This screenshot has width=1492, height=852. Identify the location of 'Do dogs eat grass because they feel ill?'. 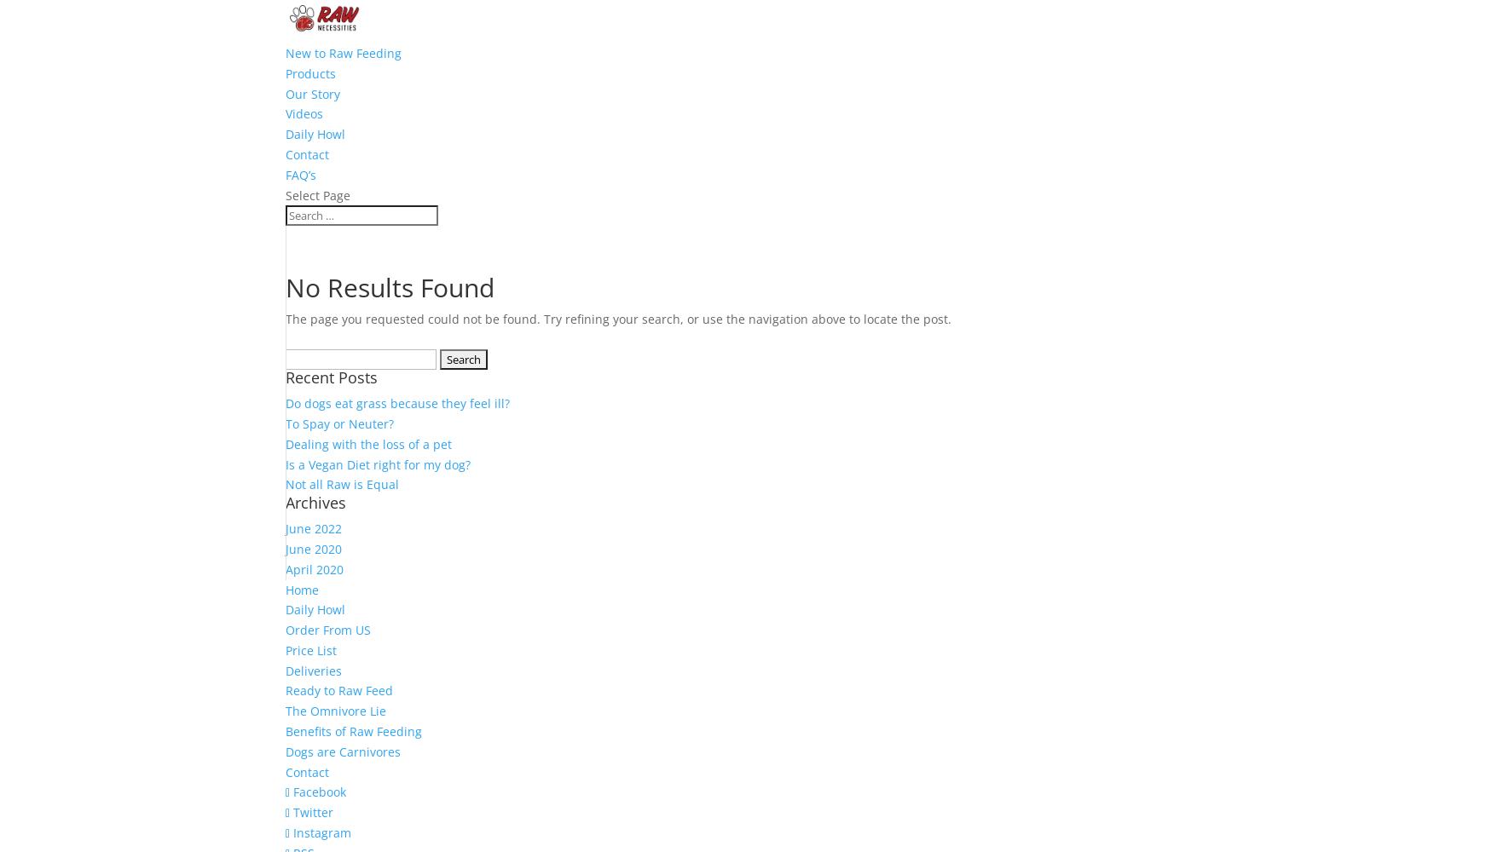
(397, 402).